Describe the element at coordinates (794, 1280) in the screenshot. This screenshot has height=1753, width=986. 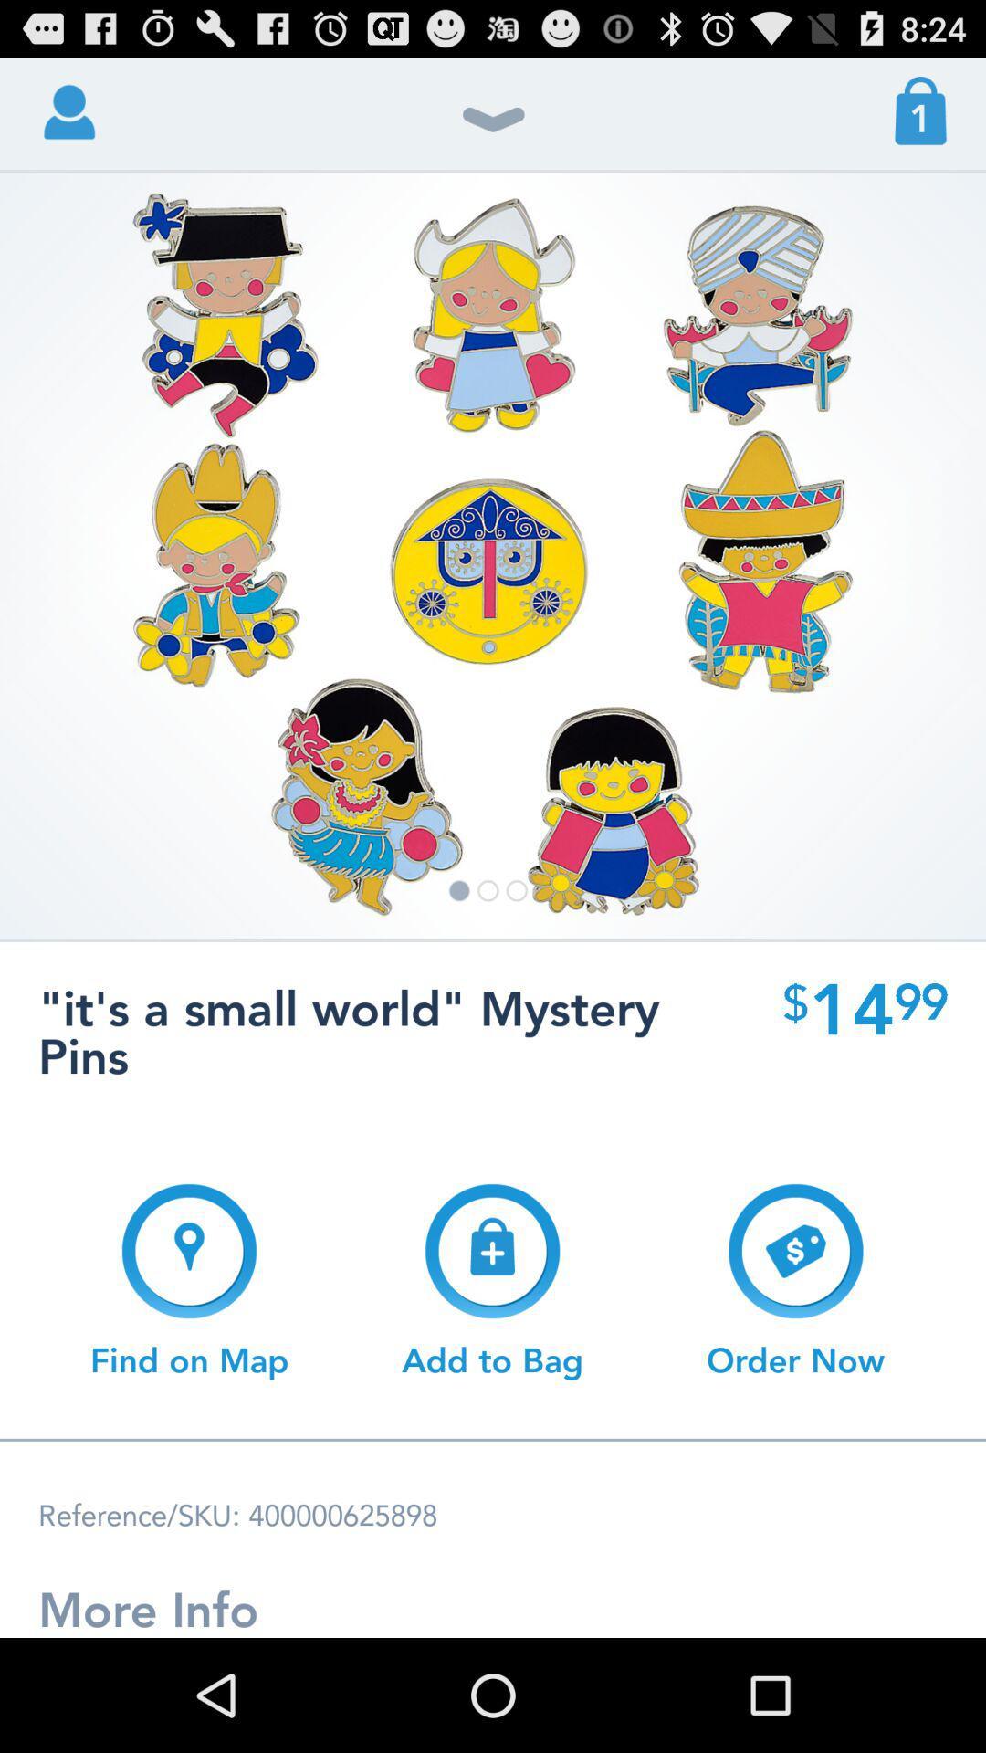
I see `icon next to add to bag button` at that location.